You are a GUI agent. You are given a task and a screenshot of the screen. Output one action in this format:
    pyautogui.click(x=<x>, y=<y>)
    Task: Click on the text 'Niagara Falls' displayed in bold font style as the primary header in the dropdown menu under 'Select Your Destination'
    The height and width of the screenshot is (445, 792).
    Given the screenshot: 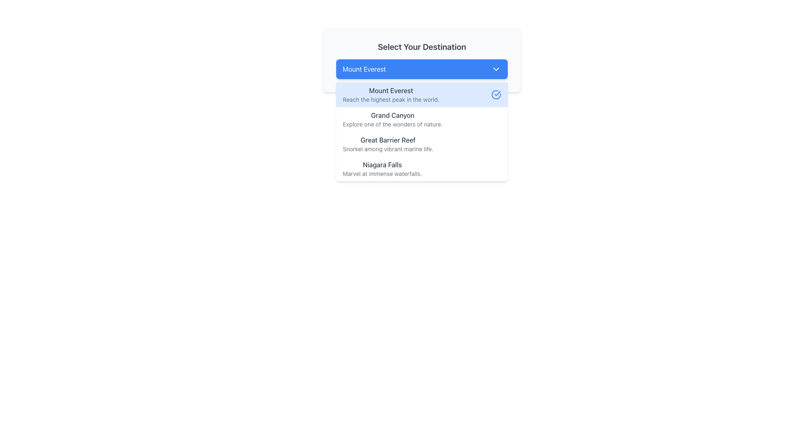 What is the action you would take?
    pyautogui.click(x=382, y=165)
    